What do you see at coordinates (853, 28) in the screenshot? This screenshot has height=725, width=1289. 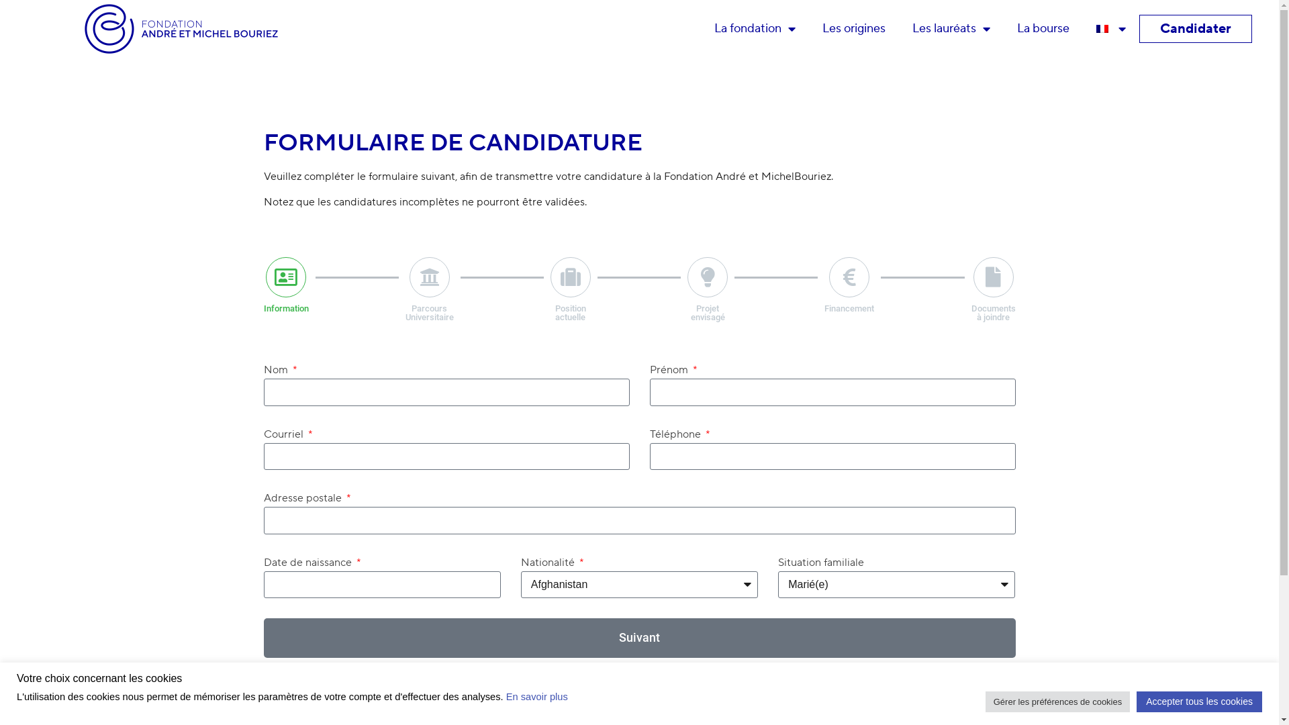 I see `'Les origines'` at bounding box center [853, 28].